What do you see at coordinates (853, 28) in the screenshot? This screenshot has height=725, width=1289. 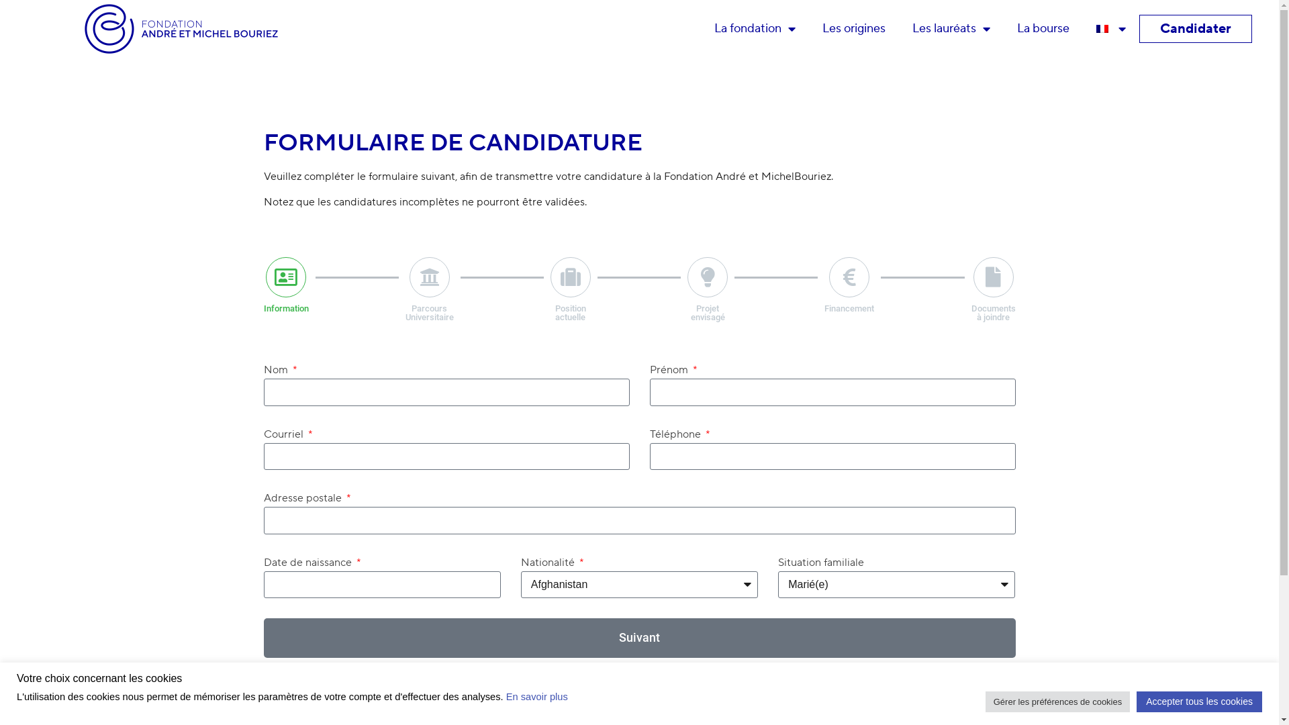 I see `'Les origines'` at bounding box center [853, 28].